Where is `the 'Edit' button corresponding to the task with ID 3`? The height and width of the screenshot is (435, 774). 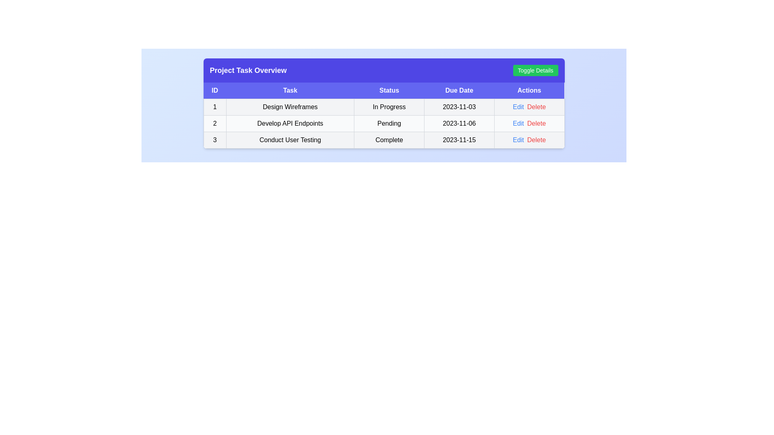 the 'Edit' button corresponding to the task with ID 3 is located at coordinates (518, 139).